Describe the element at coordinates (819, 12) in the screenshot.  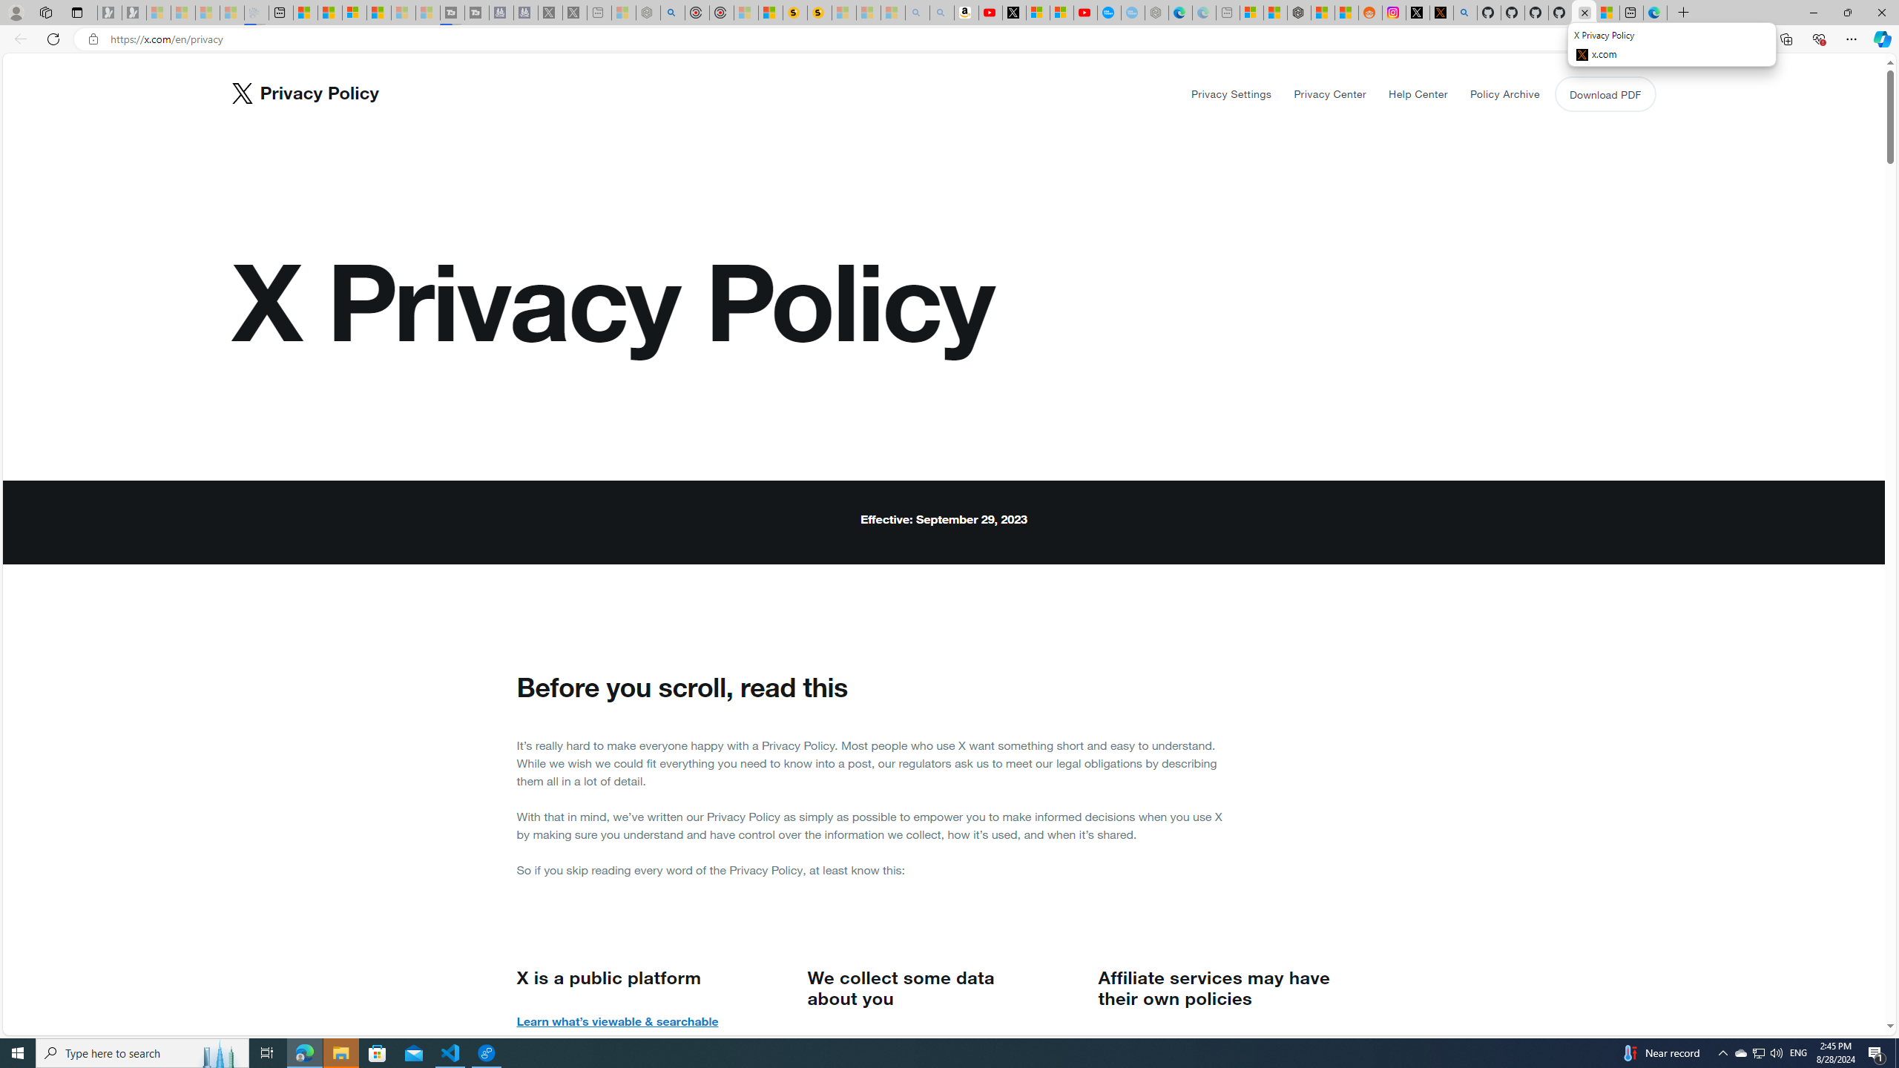
I see `'Michelle Starr, Senior Journalist at ScienceAlert'` at that location.